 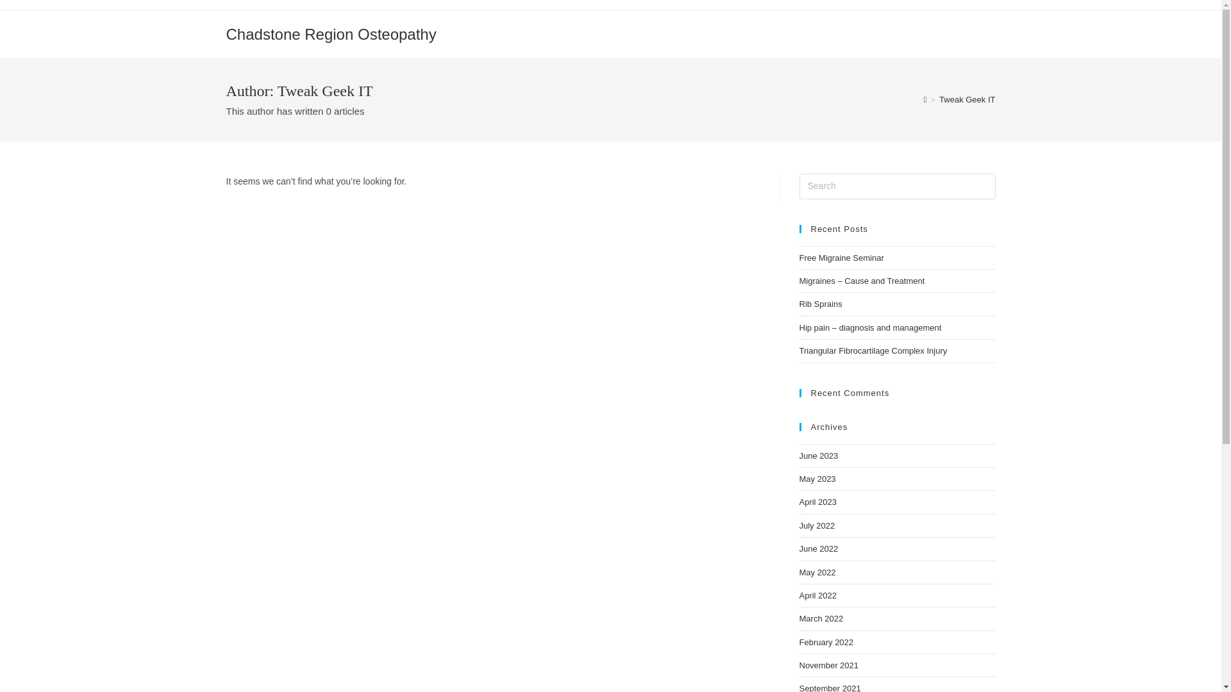 I want to click on 'March 2022', so click(x=821, y=618).